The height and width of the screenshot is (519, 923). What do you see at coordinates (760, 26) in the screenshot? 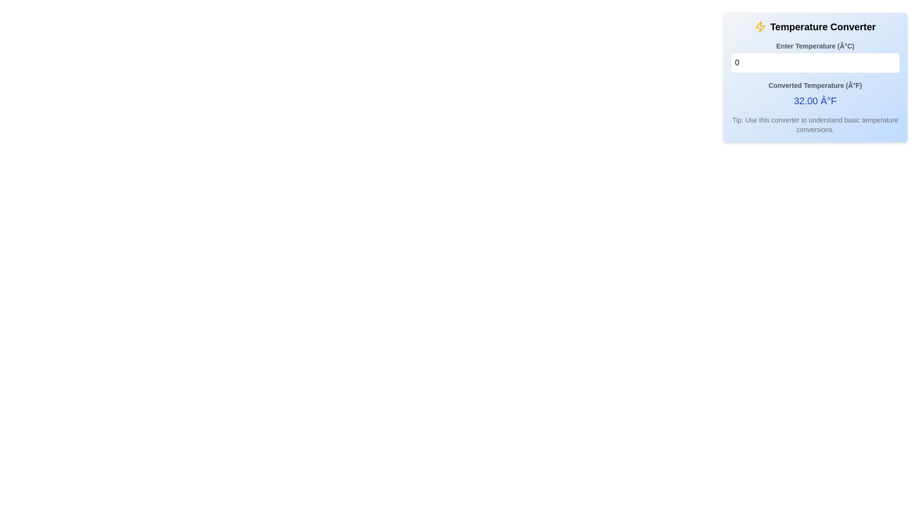
I see `the lightning bolt icon, visually filled in with yellow, located at the top left corner of the temperature converter component` at bounding box center [760, 26].